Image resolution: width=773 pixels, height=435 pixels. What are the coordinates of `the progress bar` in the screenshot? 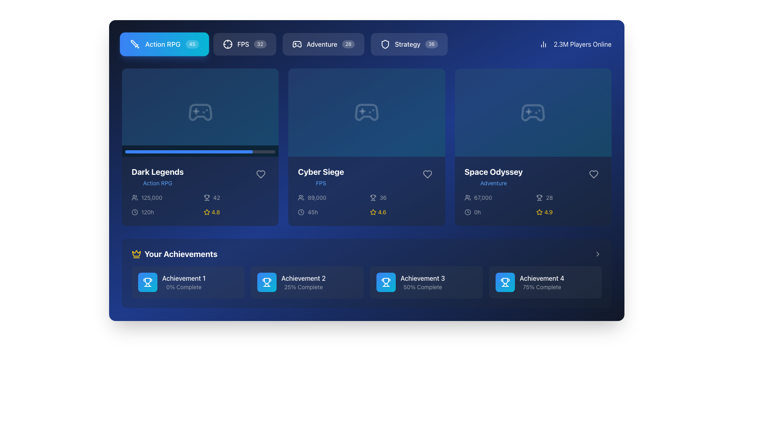 It's located at (138, 151).